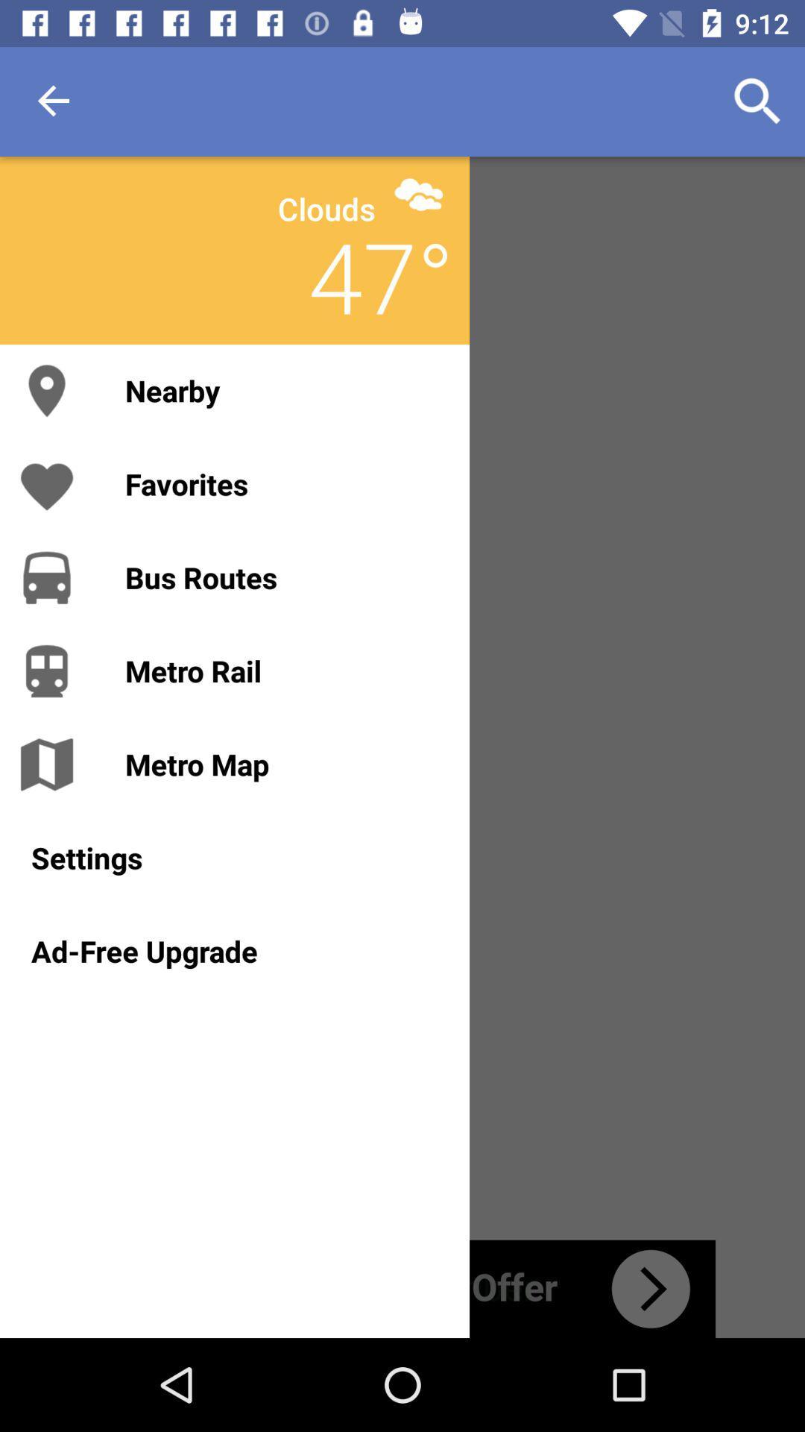  What do you see at coordinates (235, 950) in the screenshot?
I see `the ad-free upgrade icon` at bounding box center [235, 950].